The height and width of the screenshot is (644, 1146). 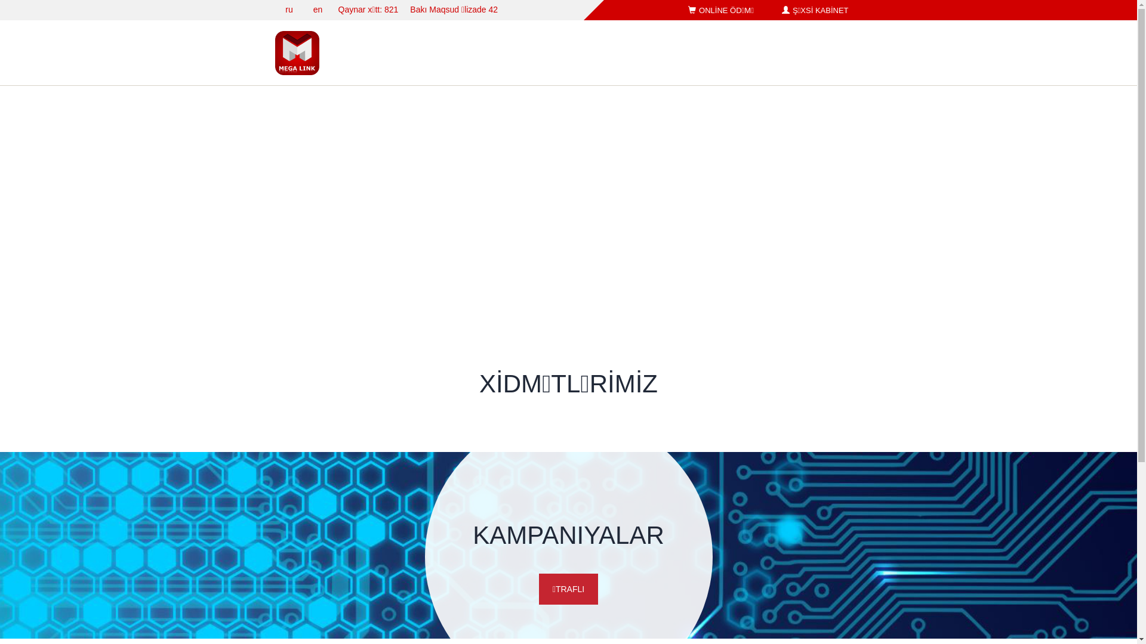 What do you see at coordinates (289, 9) in the screenshot?
I see `'ru'` at bounding box center [289, 9].